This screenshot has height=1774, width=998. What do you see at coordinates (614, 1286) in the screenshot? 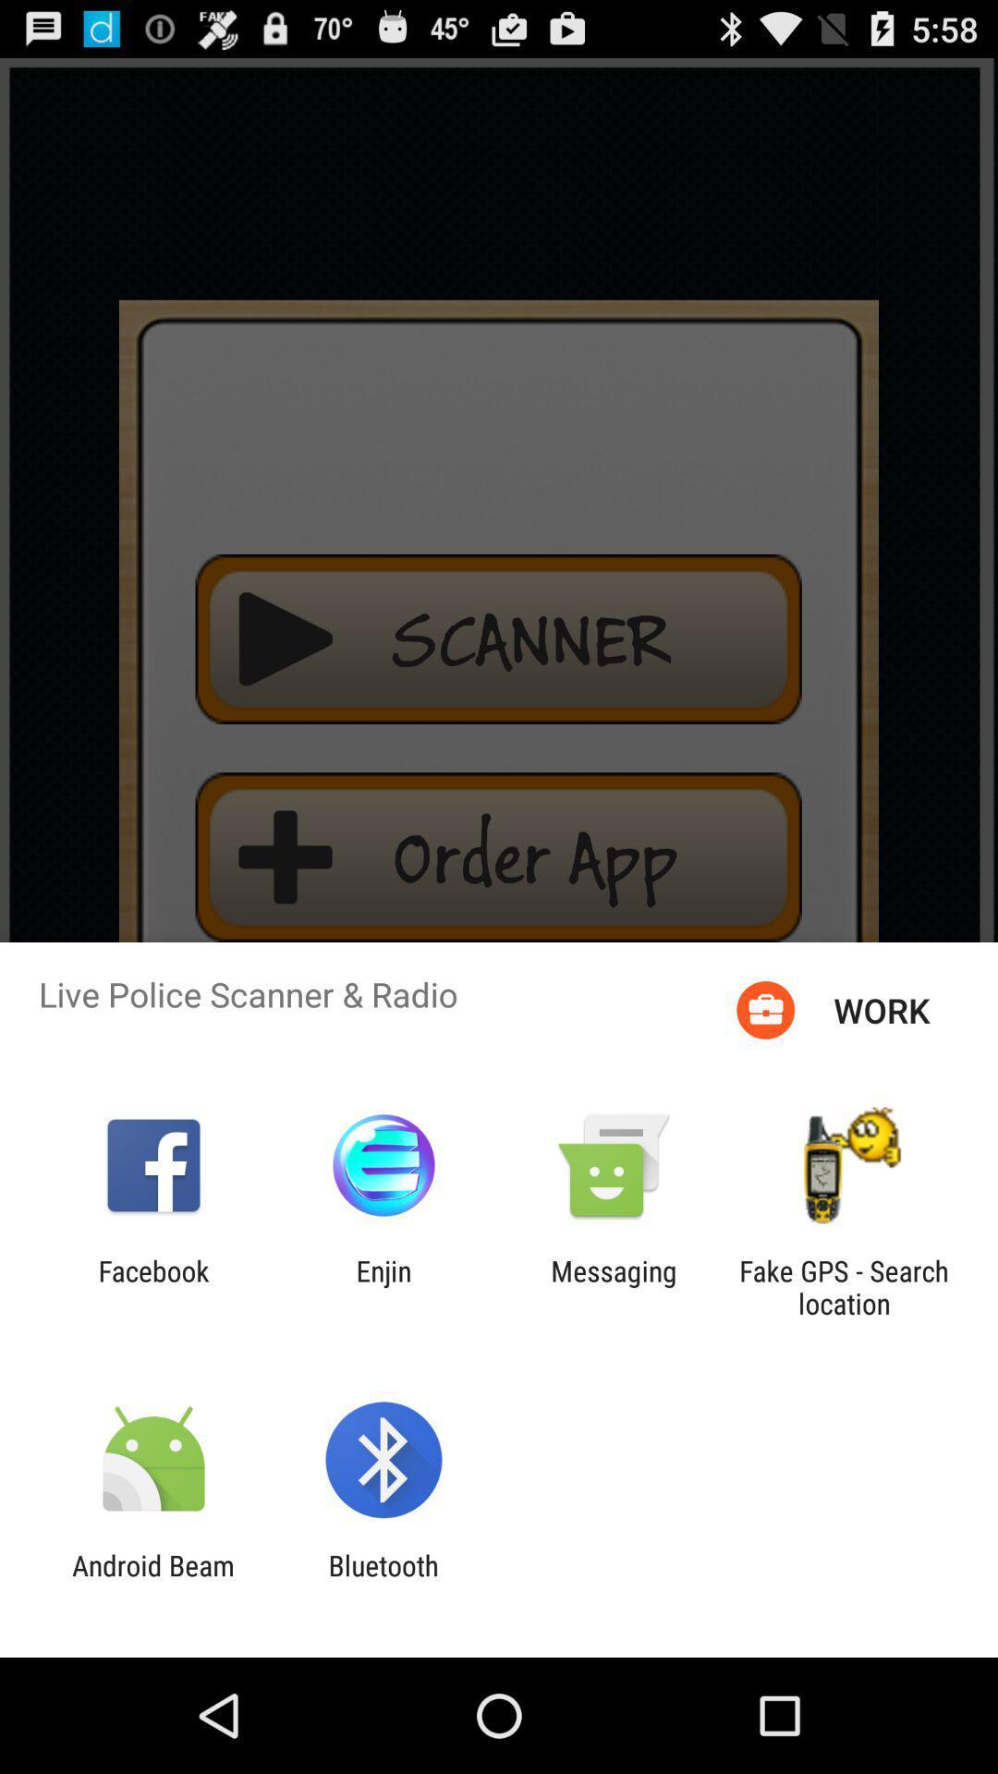
I see `the app to the right of the enjin` at bounding box center [614, 1286].